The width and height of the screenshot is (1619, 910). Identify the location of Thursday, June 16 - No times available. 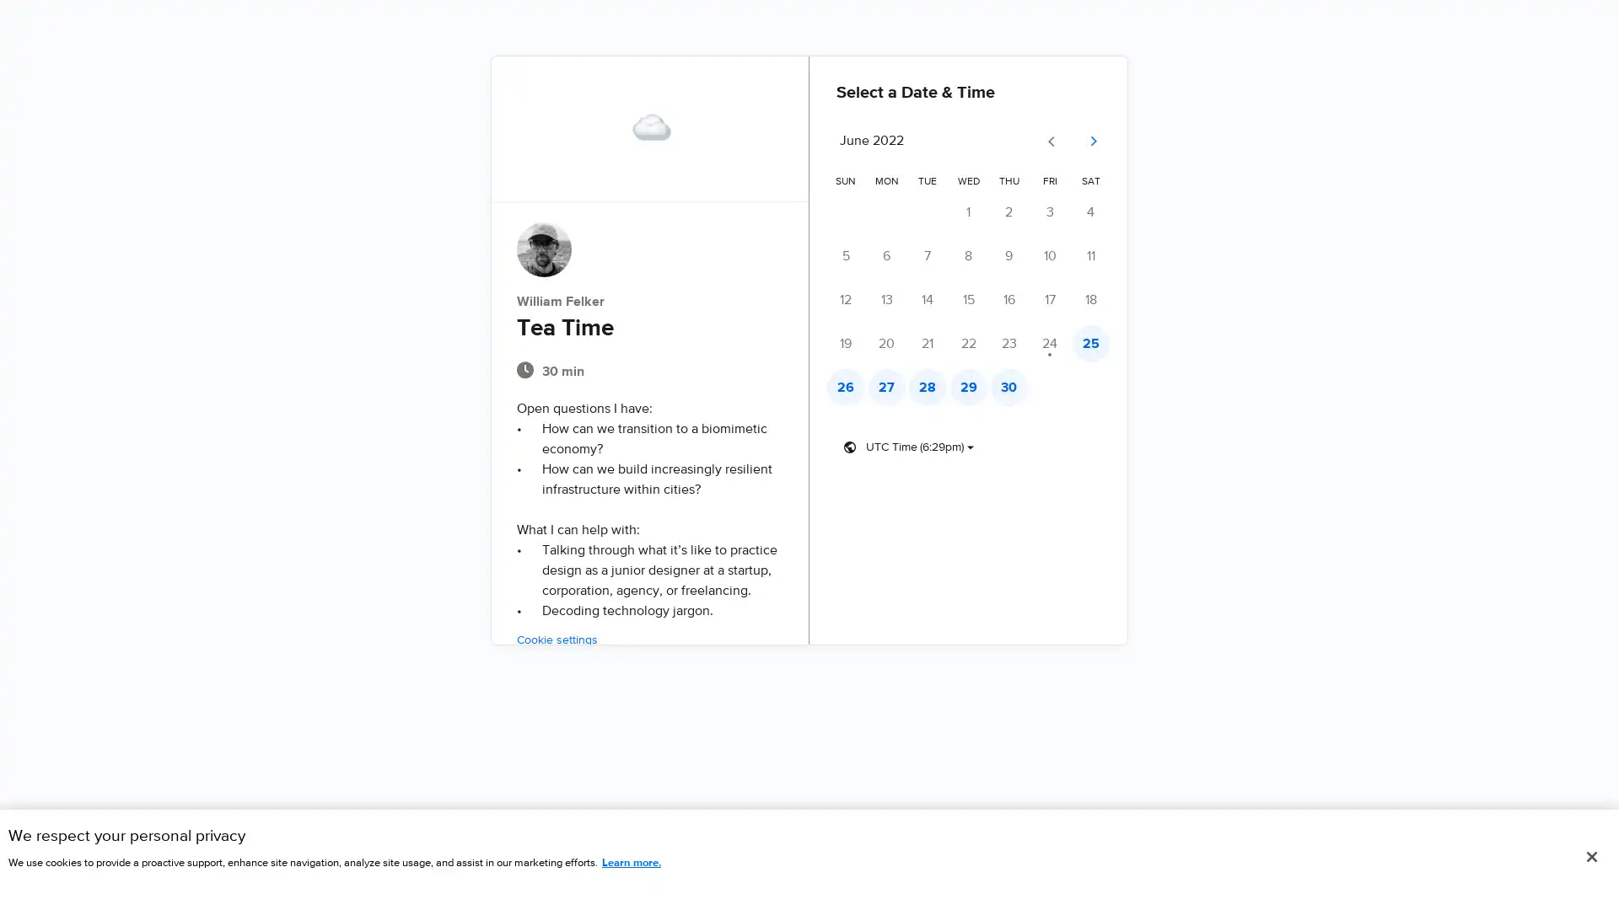
(1019, 298).